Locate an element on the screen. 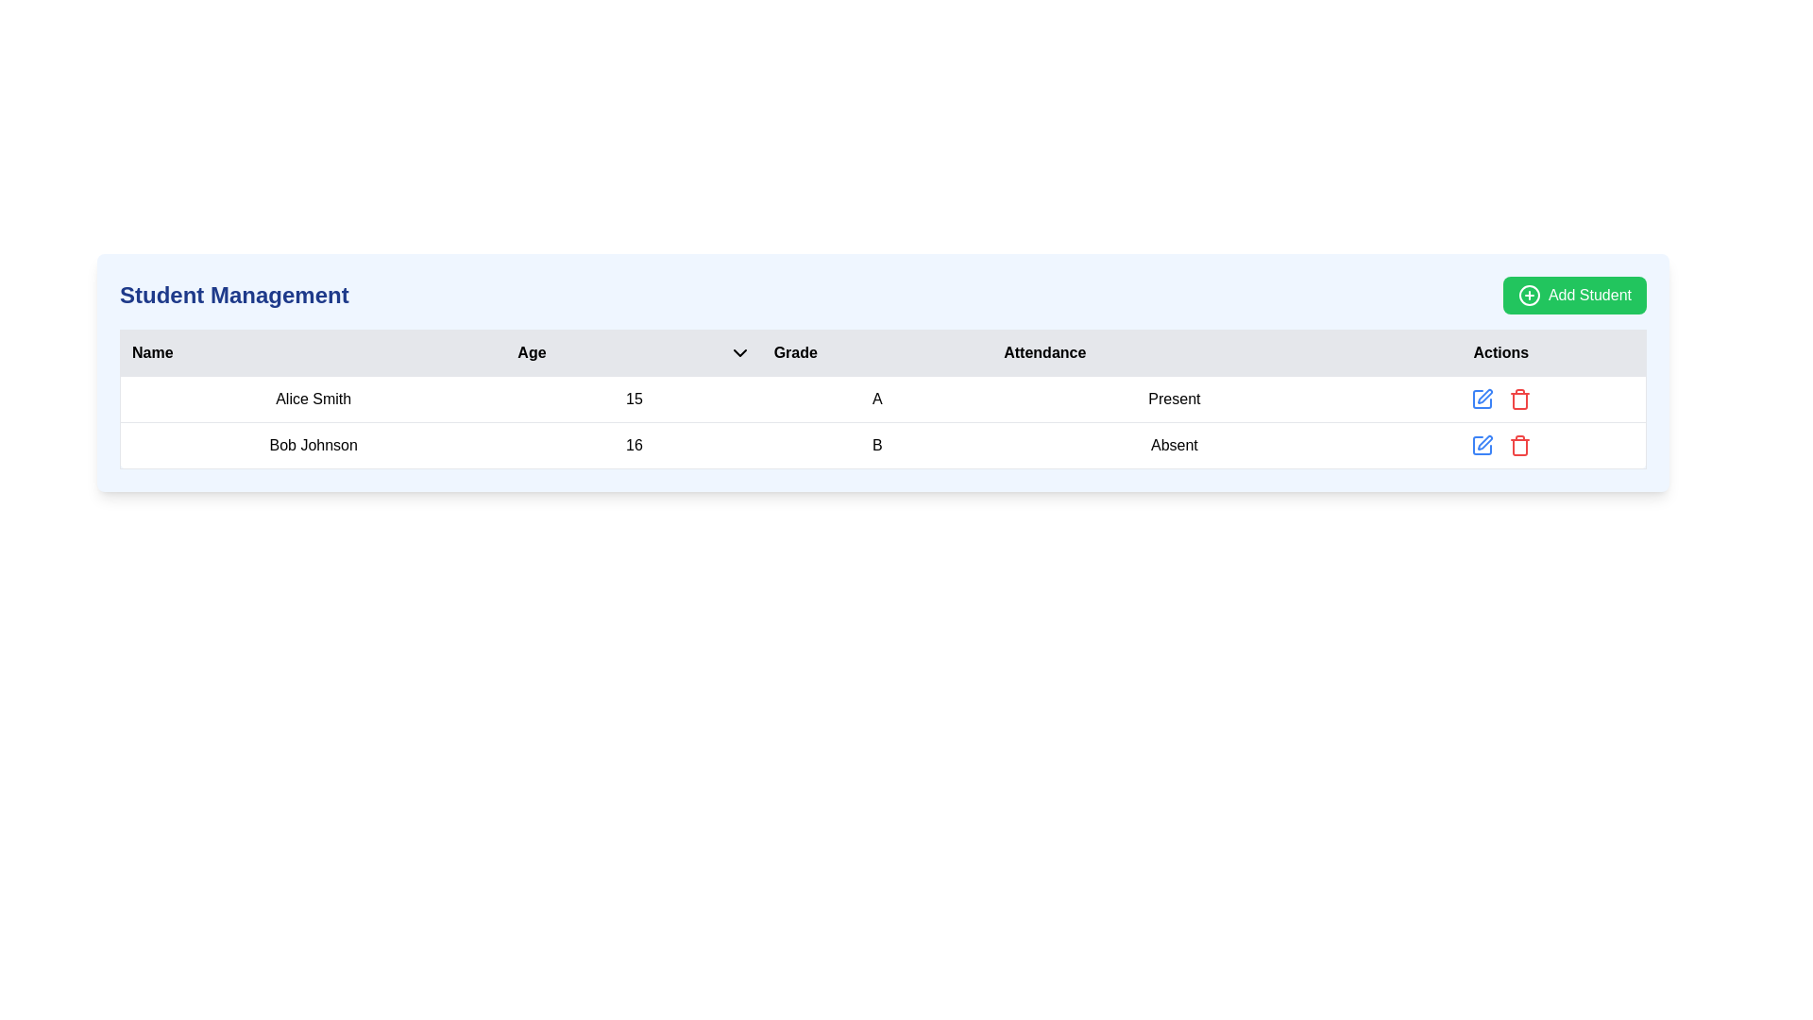 This screenshot has width=1813, height=1020. the text label indicating the attendance status of student 'Bob Johnson' as 'Absent', which is located in the fourth column of the second row of the table, under the 'Attendance' header and next to the 'Age' column is located at coordinates (1173, 445).